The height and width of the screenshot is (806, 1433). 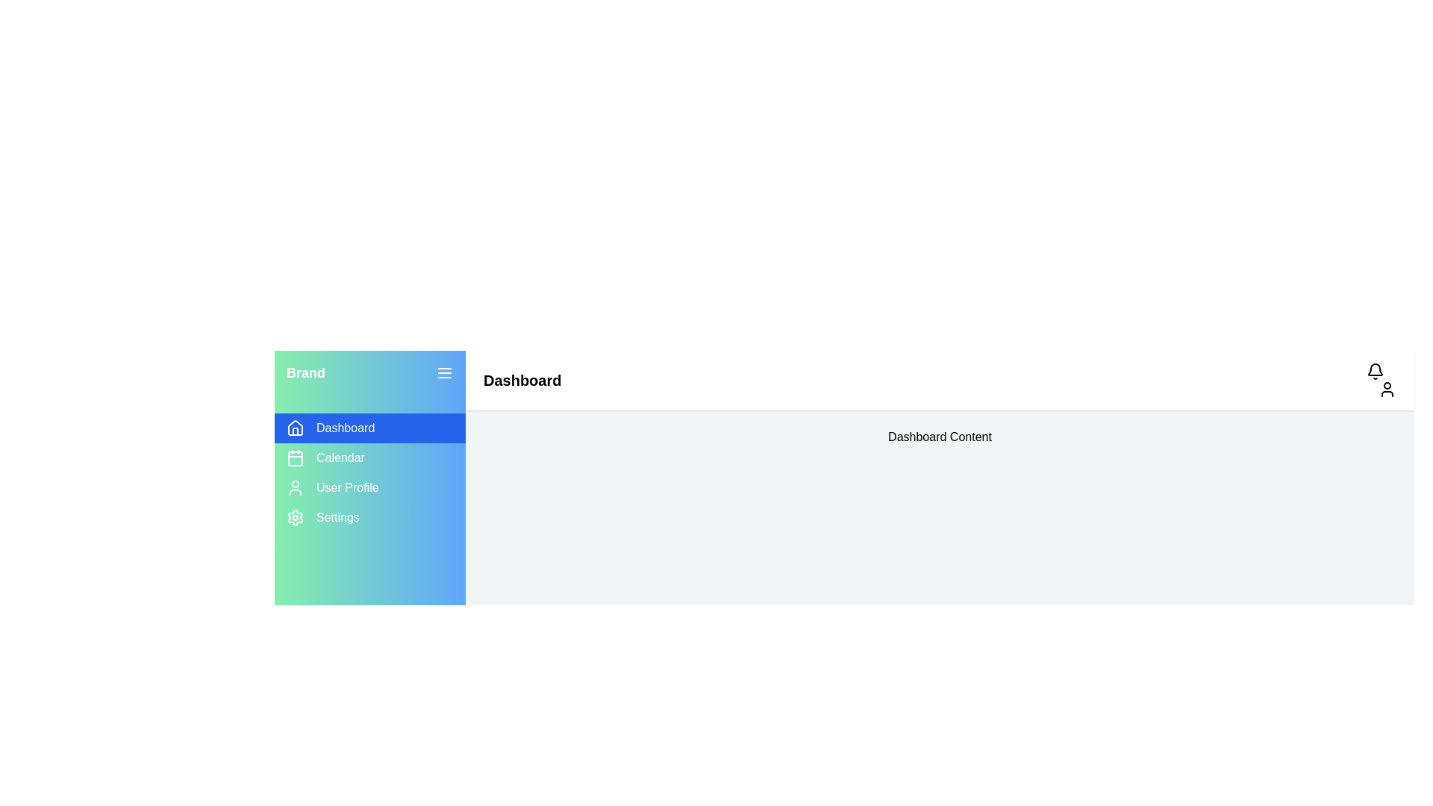 What do you see at coordinates (369, 488) in the screenshot?
I see `the 'User Profile' button, which features a user silhouette icon and white text on a gradient background, located in the vertical navigation menu on the left sidebar` at bounding box center [369, 488].